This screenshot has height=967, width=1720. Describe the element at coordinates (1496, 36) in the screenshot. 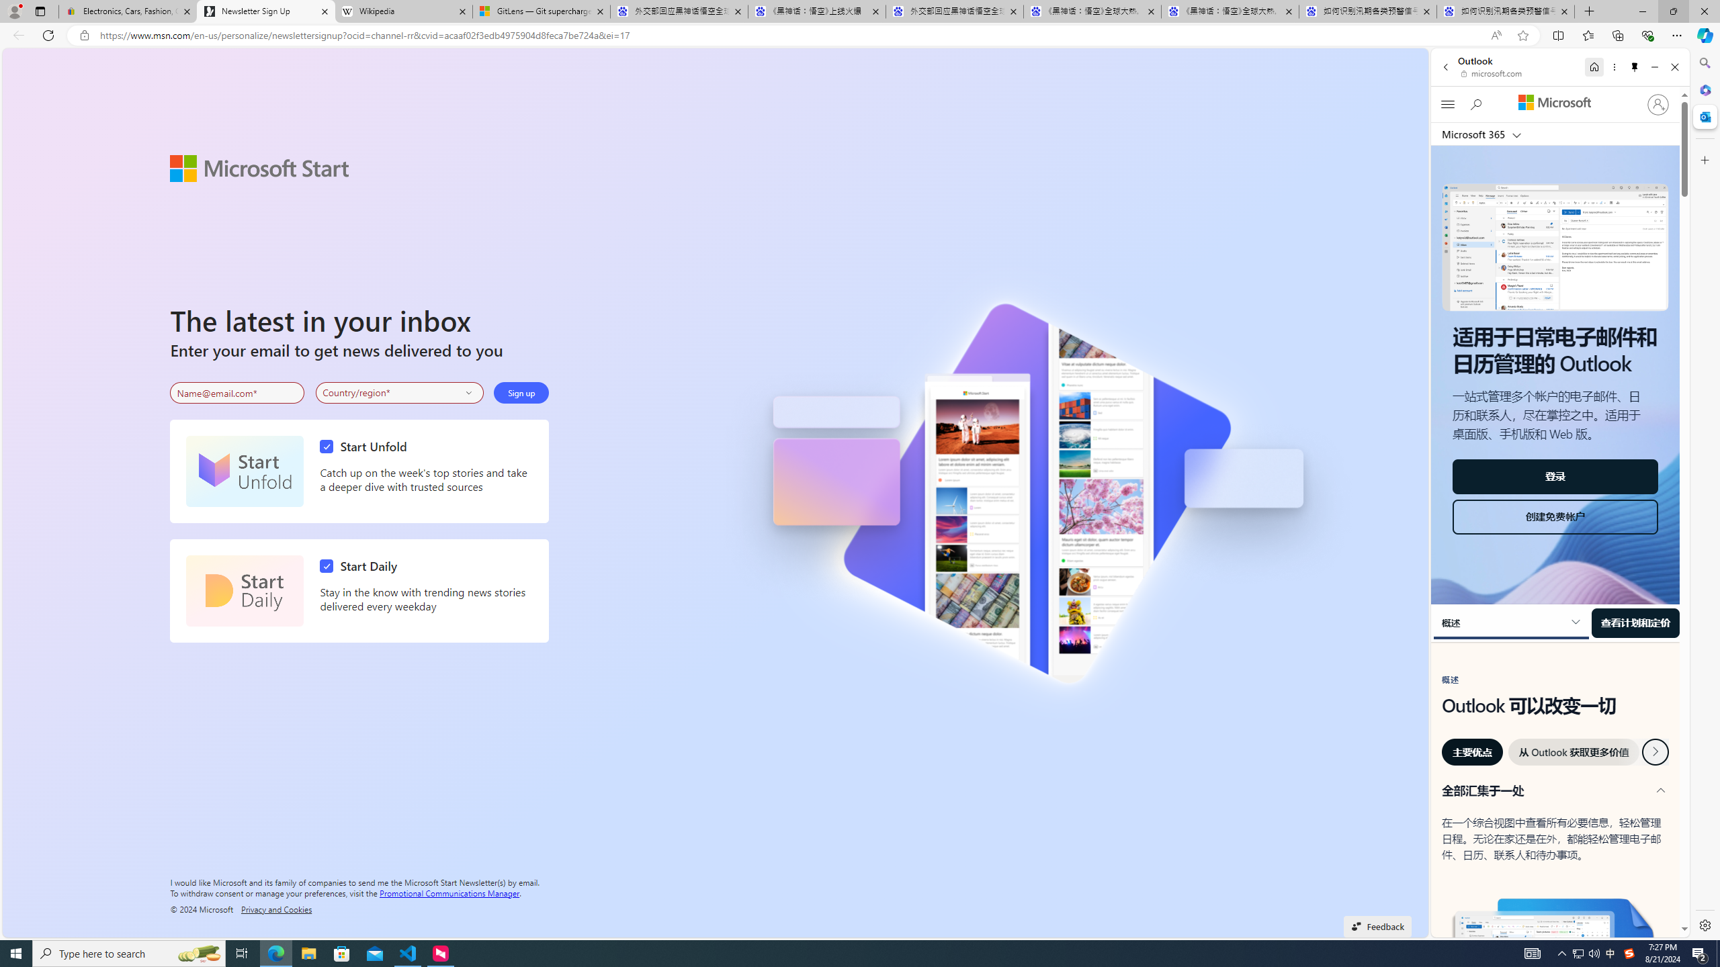

I see `'Read aloud this page (Ctrl+Shift+U)'` at that location.